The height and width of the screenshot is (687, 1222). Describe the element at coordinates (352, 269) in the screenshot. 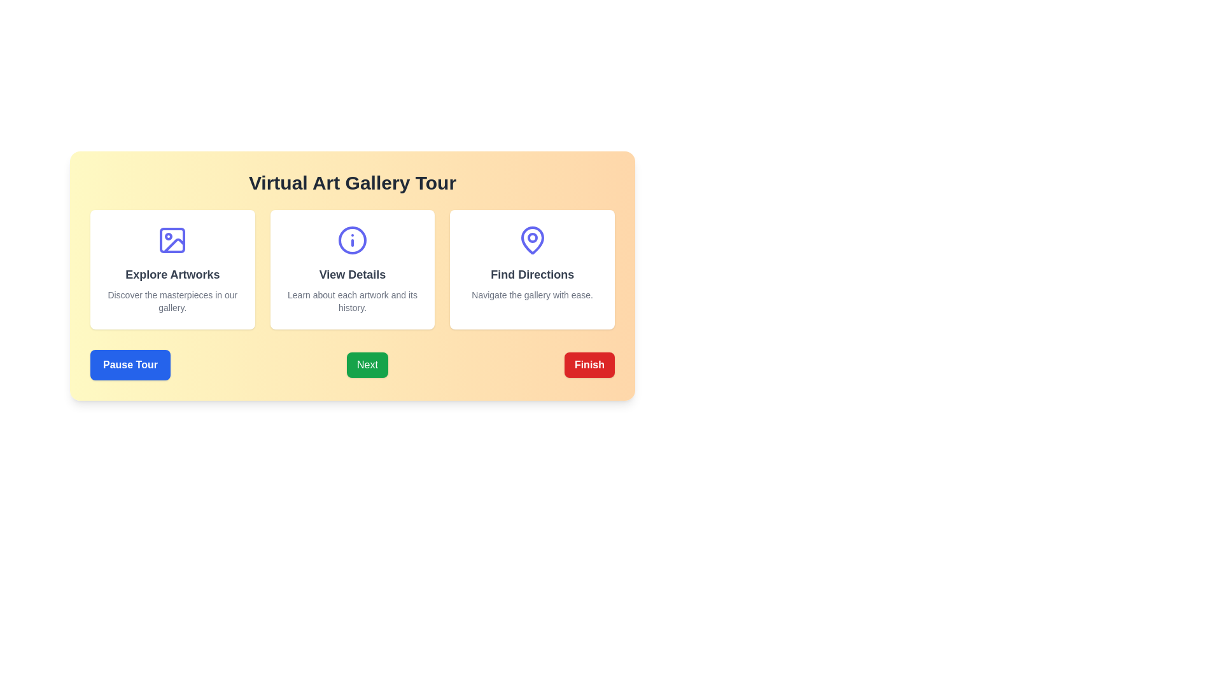

I see `displayed text on the second card in the gallery interface, which provides information about learning details for each artwork` at that location.